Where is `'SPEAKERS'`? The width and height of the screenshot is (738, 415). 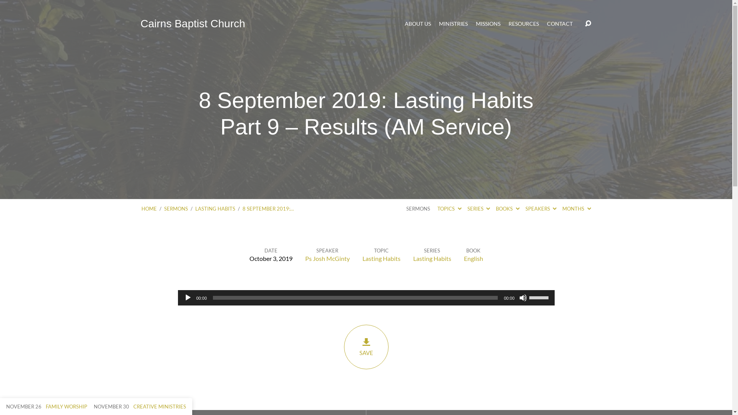 'SPEAKERS' is located at coordinates (540, 209).